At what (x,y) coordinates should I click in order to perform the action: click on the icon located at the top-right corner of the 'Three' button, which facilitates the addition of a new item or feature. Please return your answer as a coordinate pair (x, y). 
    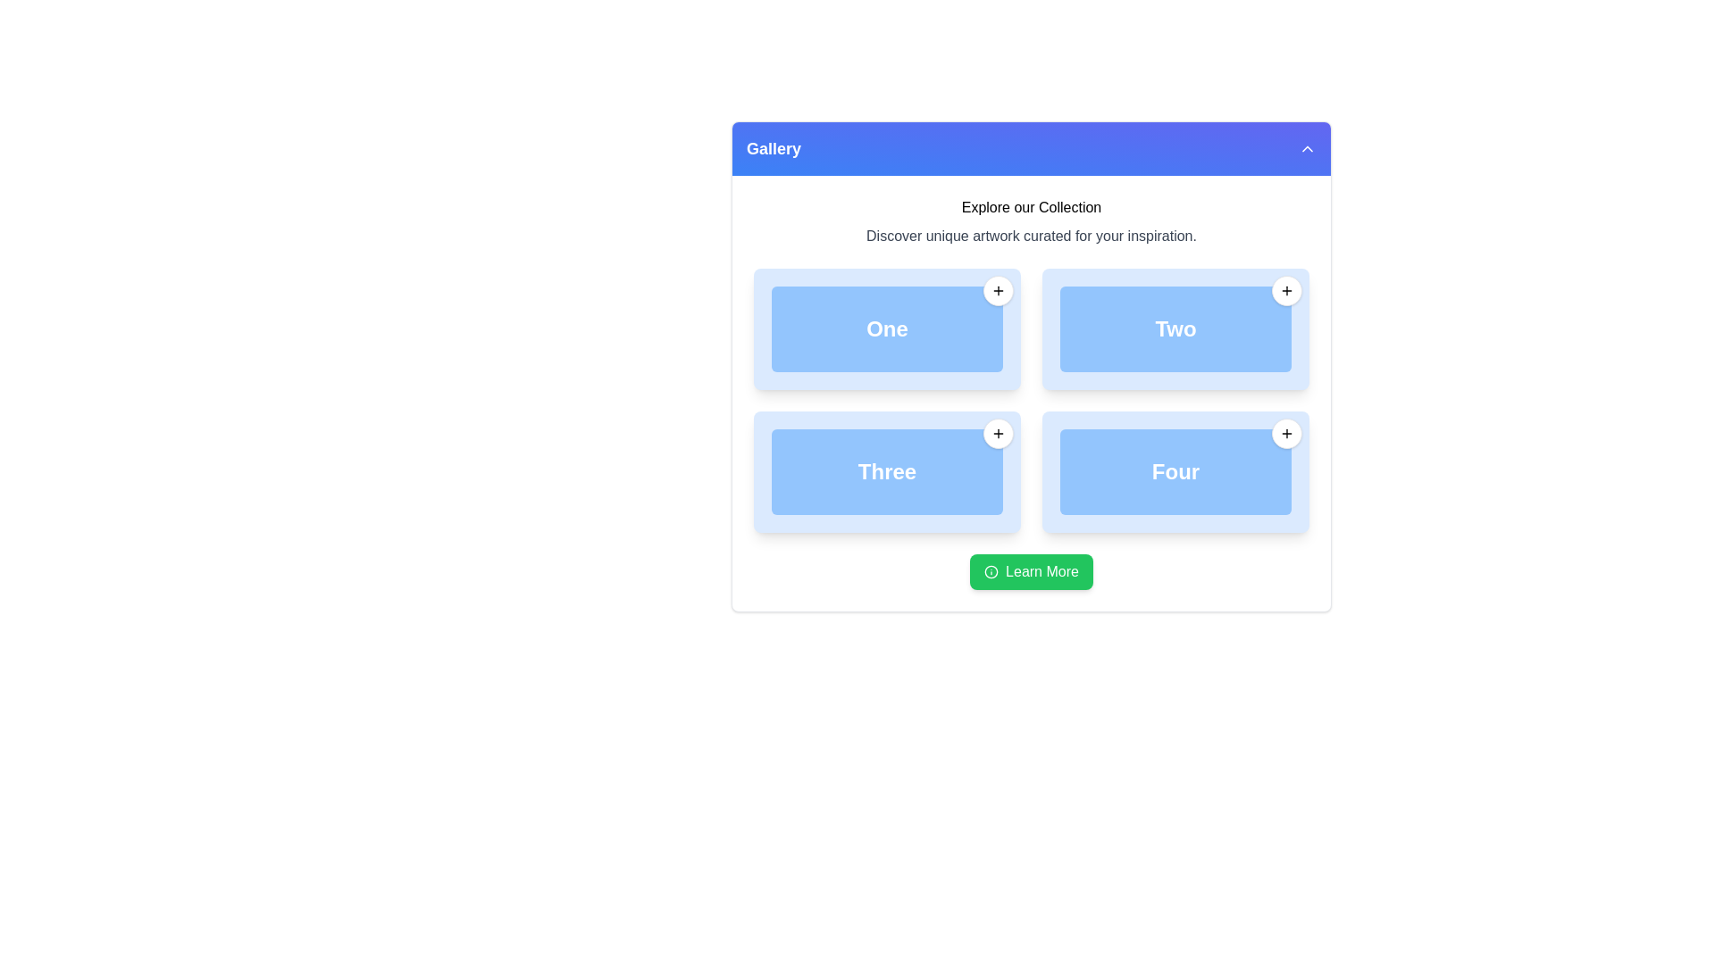
    Looking at the image, I should click on (998, 434).